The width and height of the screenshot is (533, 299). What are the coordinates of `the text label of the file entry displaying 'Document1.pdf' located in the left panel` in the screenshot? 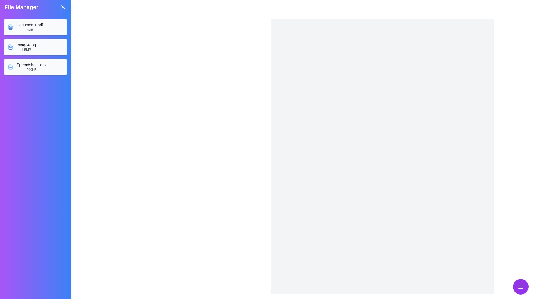 It's located at (29, 24).